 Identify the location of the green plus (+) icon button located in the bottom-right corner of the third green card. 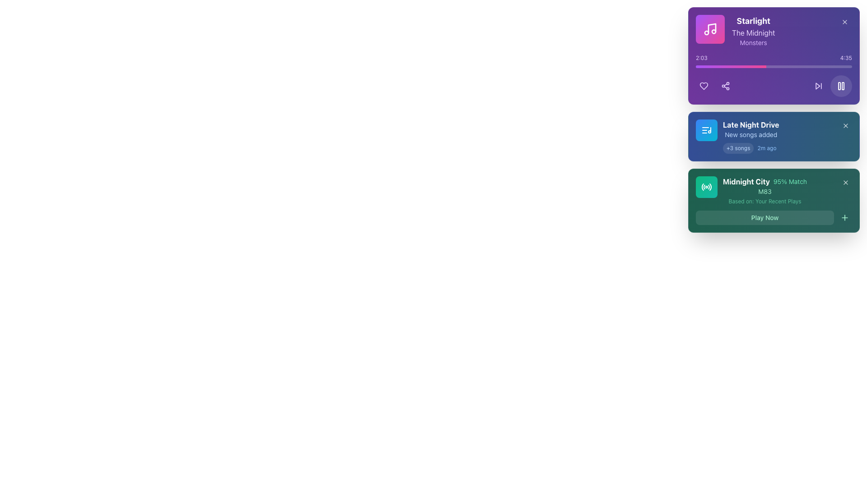
(844, 217).